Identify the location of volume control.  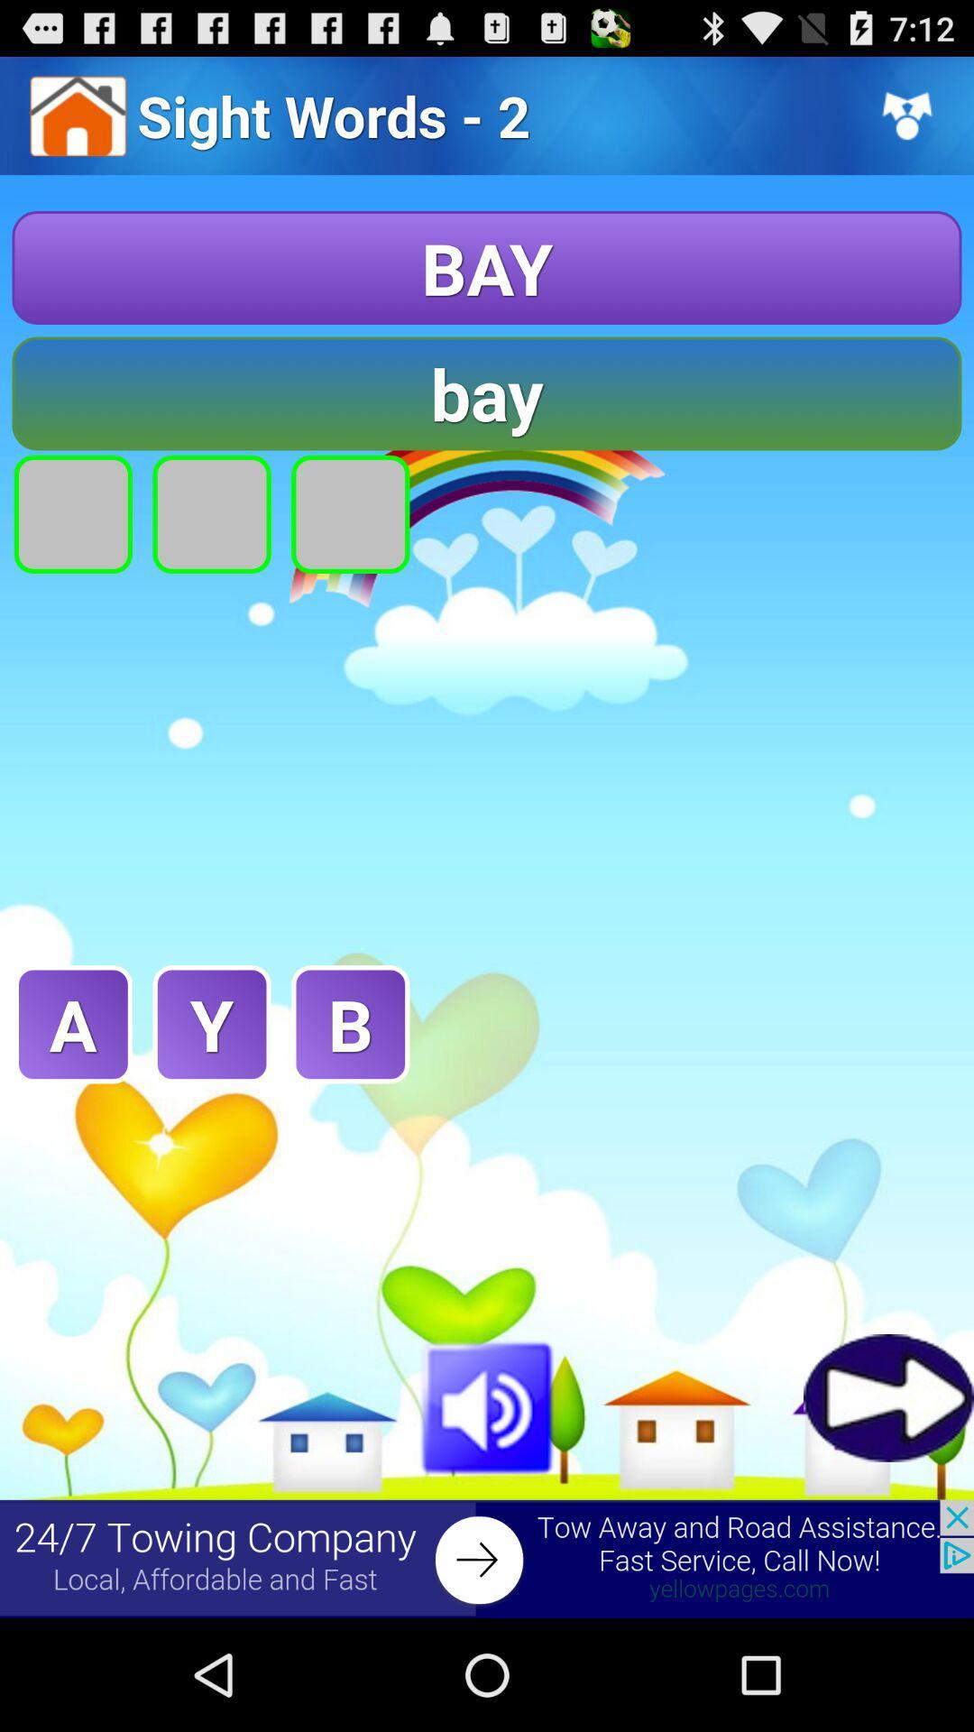
(487, 1404).